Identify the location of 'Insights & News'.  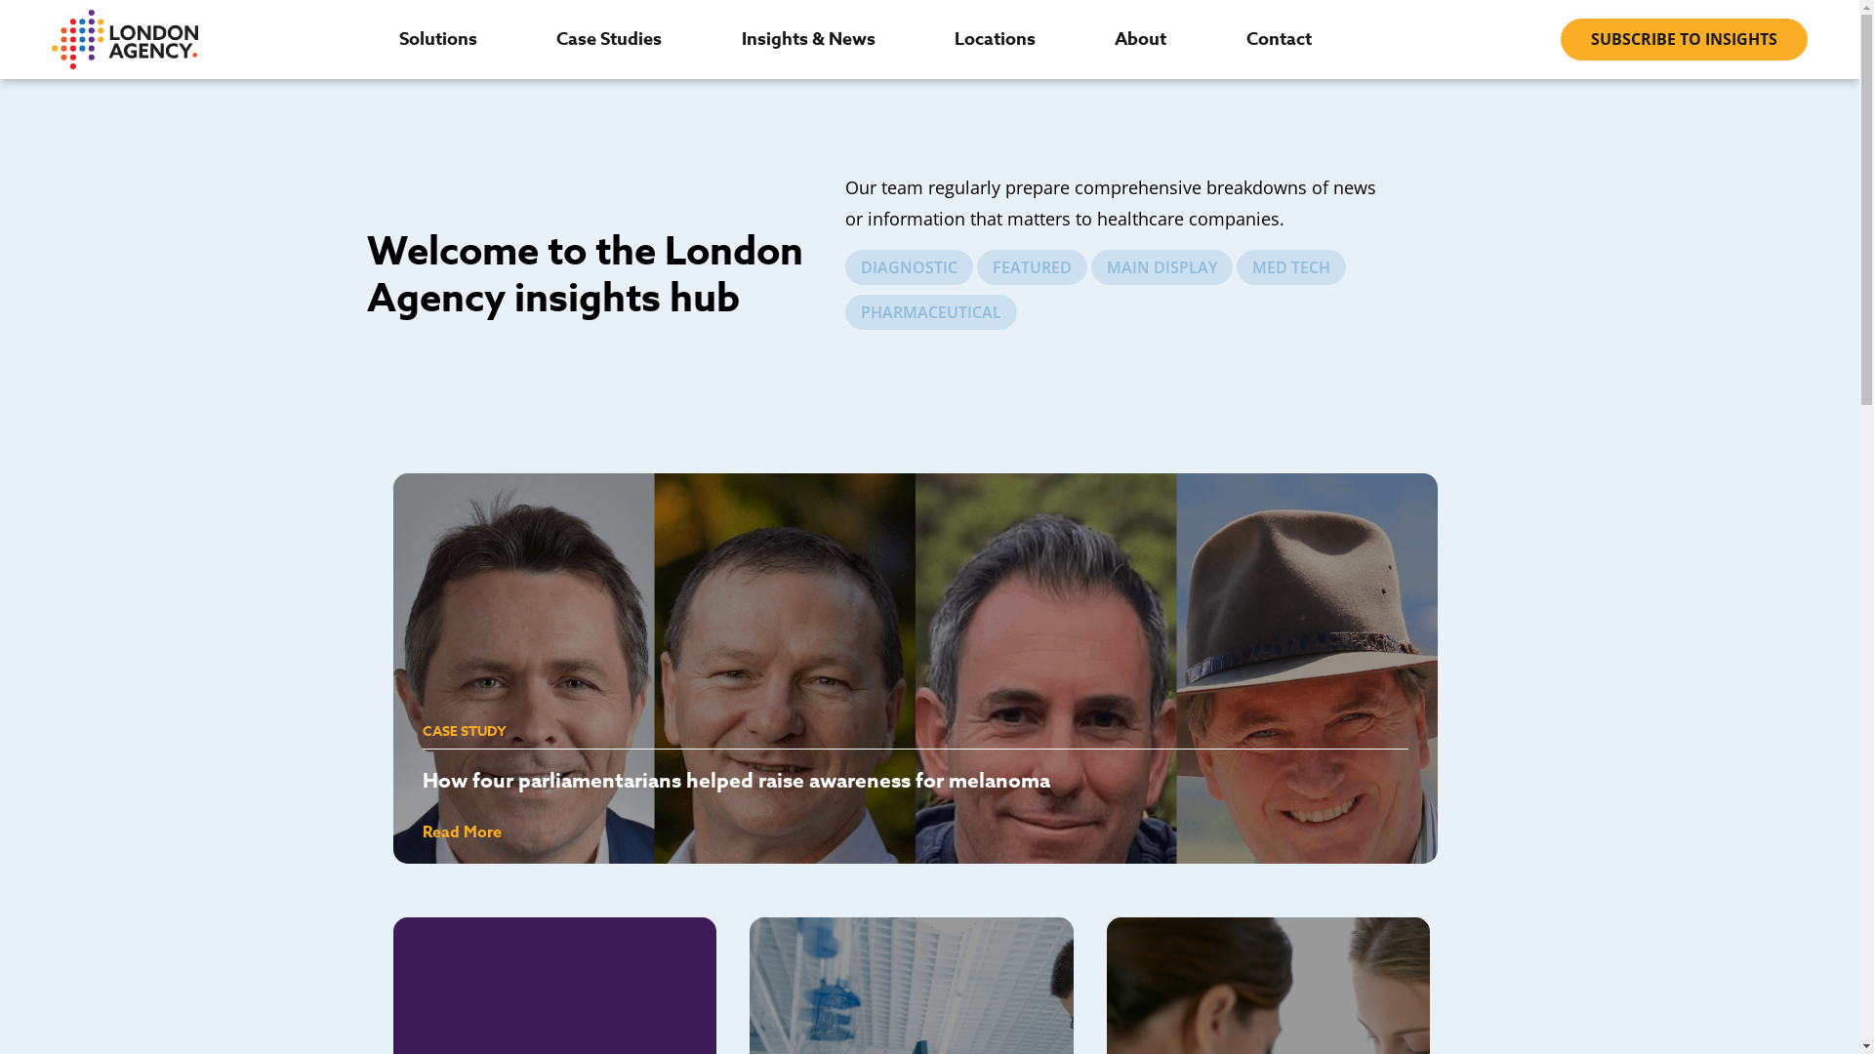
(808, 38).